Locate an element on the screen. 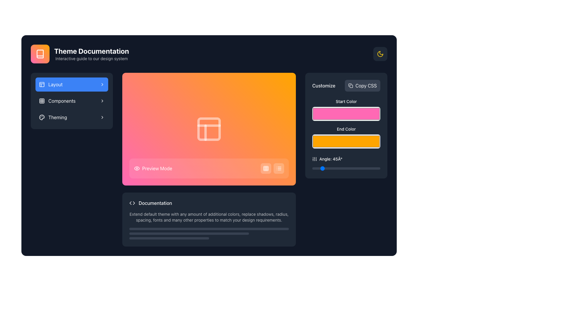 This screenshot has height=317, width=563. the unique layout selection icon located in the center of the main gradient section of the interface is located at coordinates (209, 129).